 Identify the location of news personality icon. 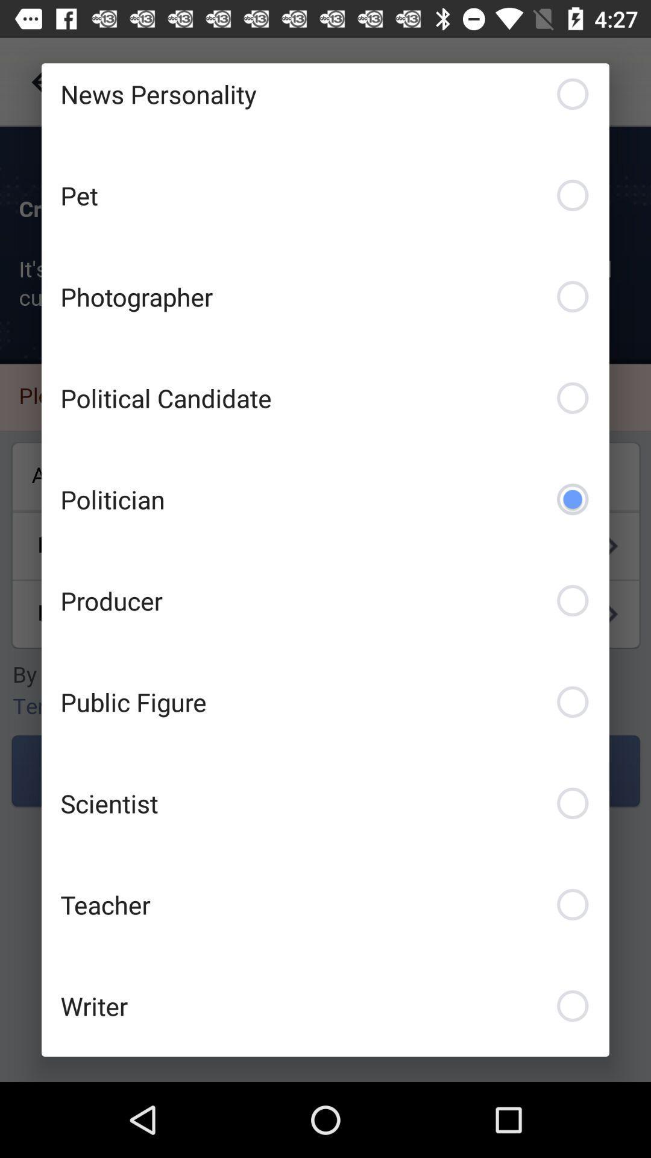
(325, 104).